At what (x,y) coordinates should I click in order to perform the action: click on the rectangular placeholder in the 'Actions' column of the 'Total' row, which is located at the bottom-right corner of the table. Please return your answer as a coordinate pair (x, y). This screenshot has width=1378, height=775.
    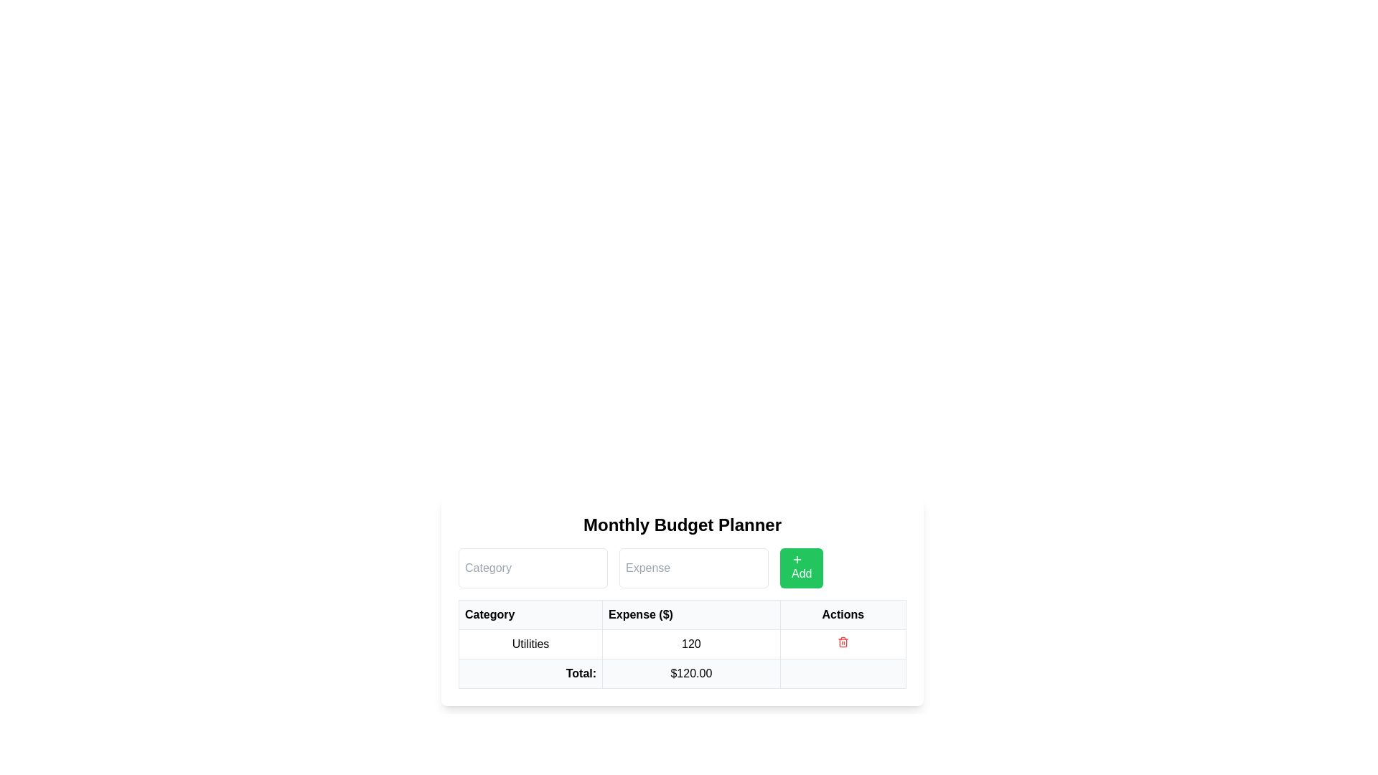
    Looking at the image, I should click on (843, 673).